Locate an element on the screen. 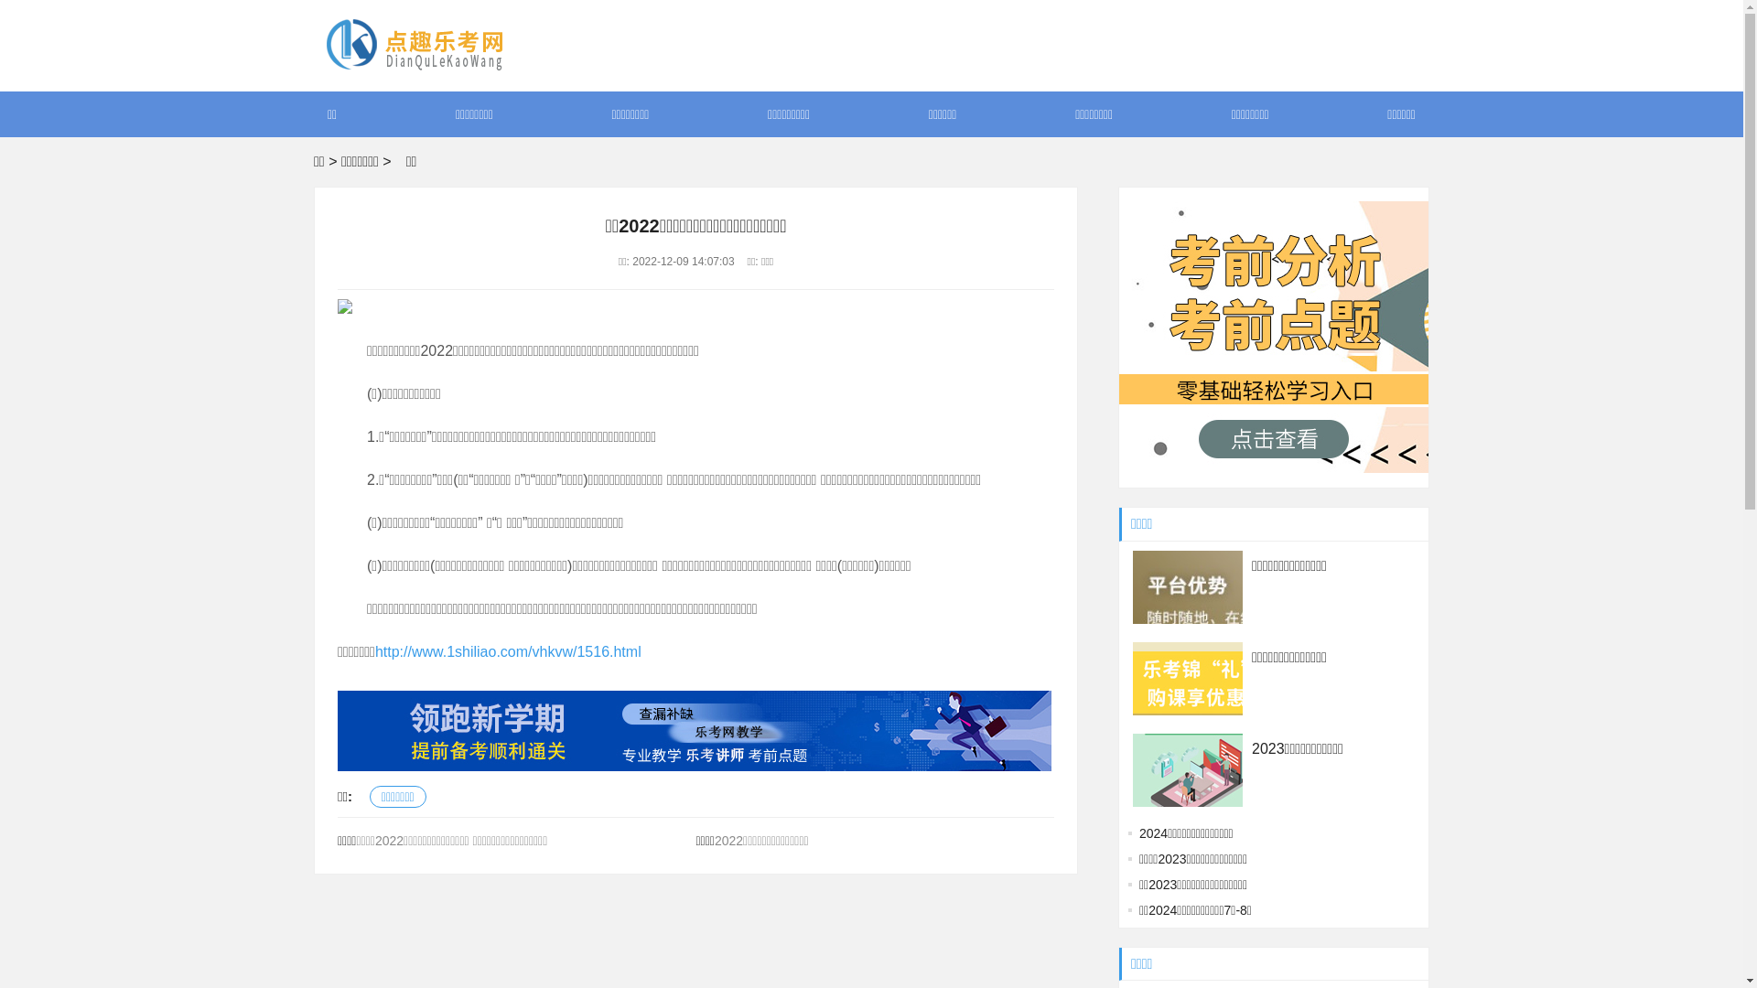 Image resolution: width=1757 pixels, height=988 pixels. 'http://www.1shiliao.com/vhkvw/1516.html' is located at coordinates (508, 650).